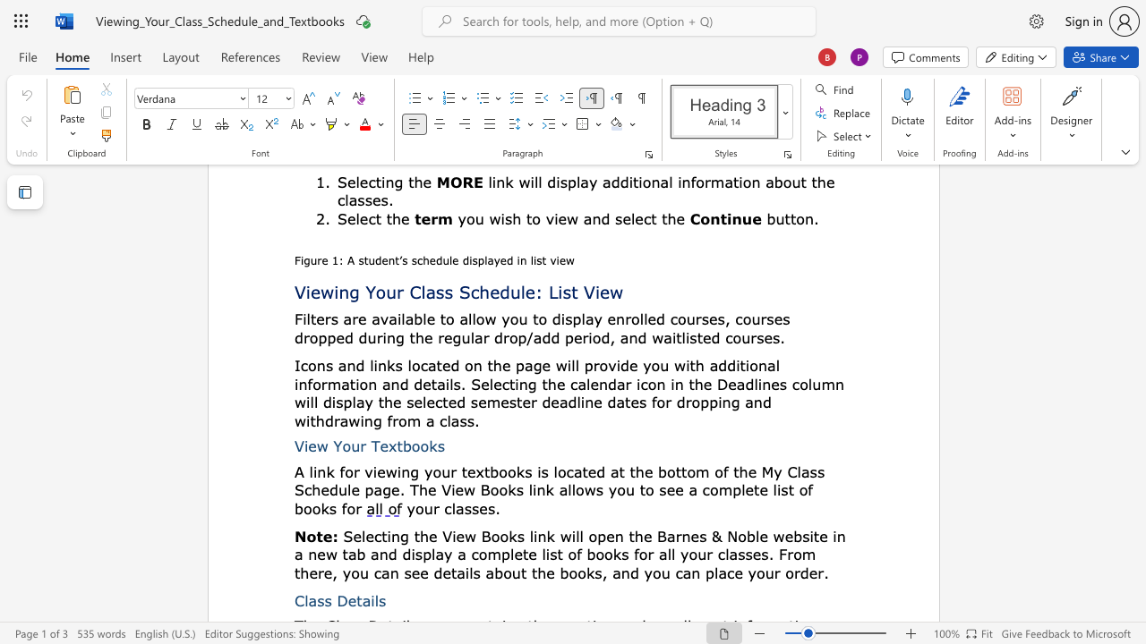 Image resolution: width=1146 pixels, height=644 pixels. What do you see at coordinates (391, 445) in the screenshot?
I see `the 1th character "x" in the text` at bounding box center [391, 445].